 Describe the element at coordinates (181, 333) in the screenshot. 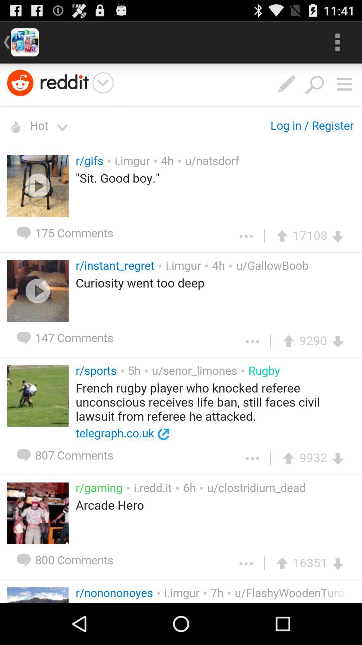

I see `move page` at that location.